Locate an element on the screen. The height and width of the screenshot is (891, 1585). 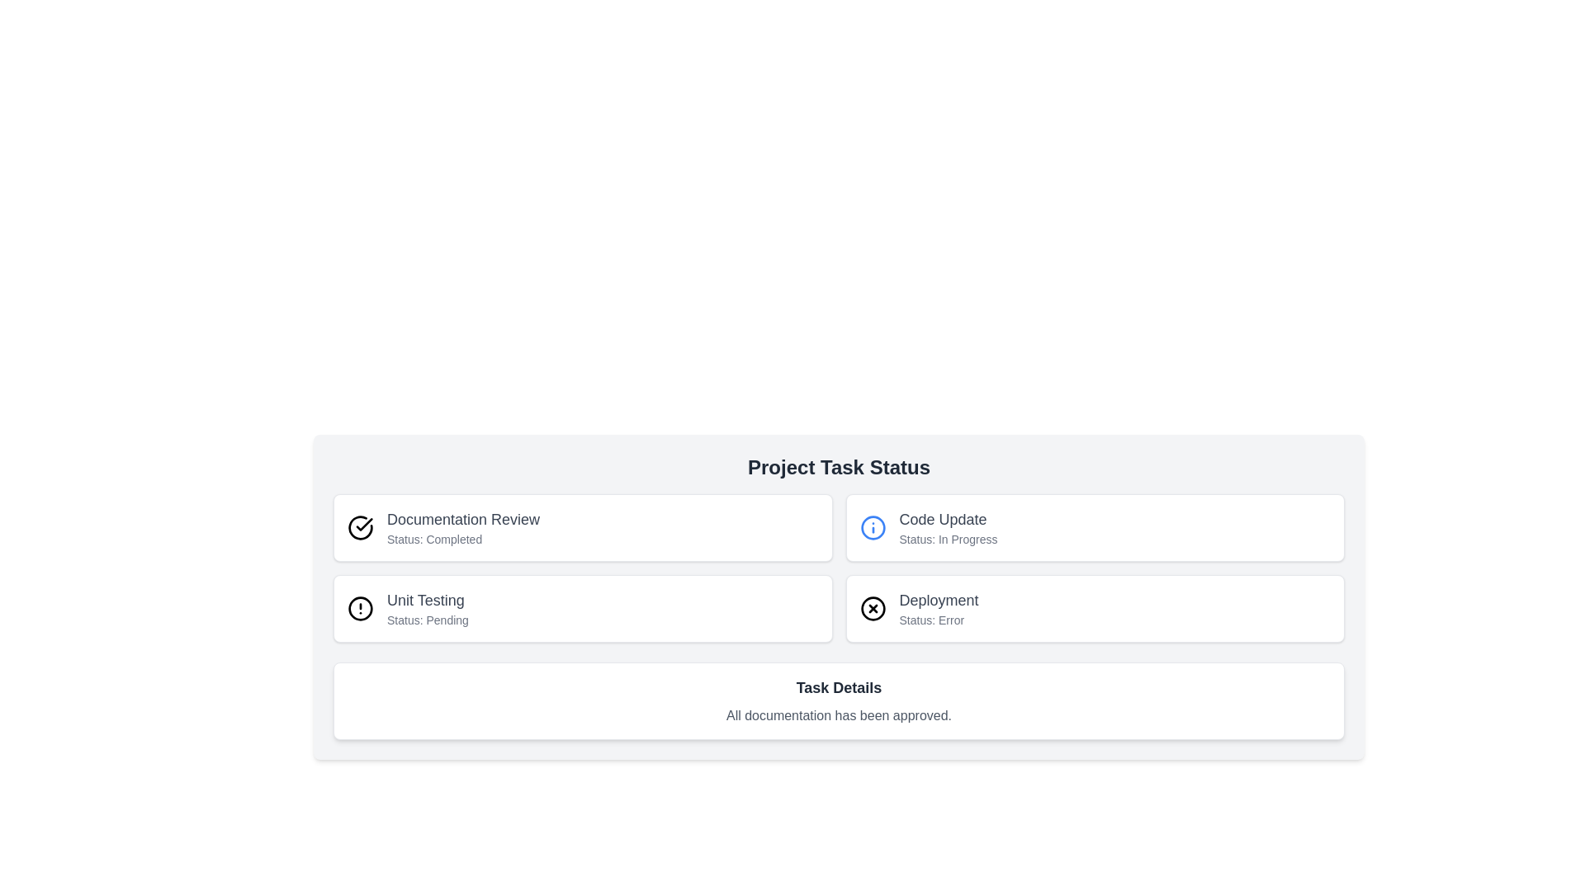
the informational text label that denotes the current status of the 'Unit Testing' task, located directly below the 'Unit Testing' title in the 'Project Task Status' layout is located at coordinates (428, 620).